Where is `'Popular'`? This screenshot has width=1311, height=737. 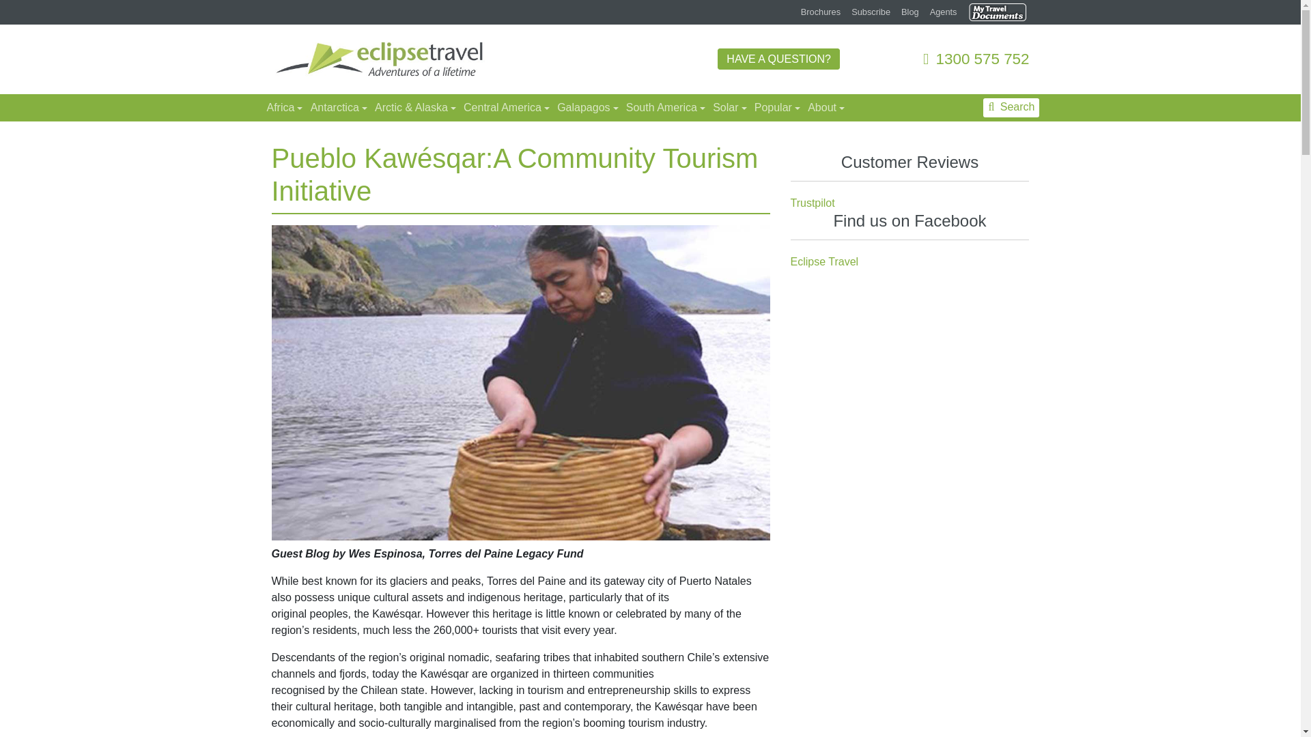
'Popular' is located at coordinates (776, 107).